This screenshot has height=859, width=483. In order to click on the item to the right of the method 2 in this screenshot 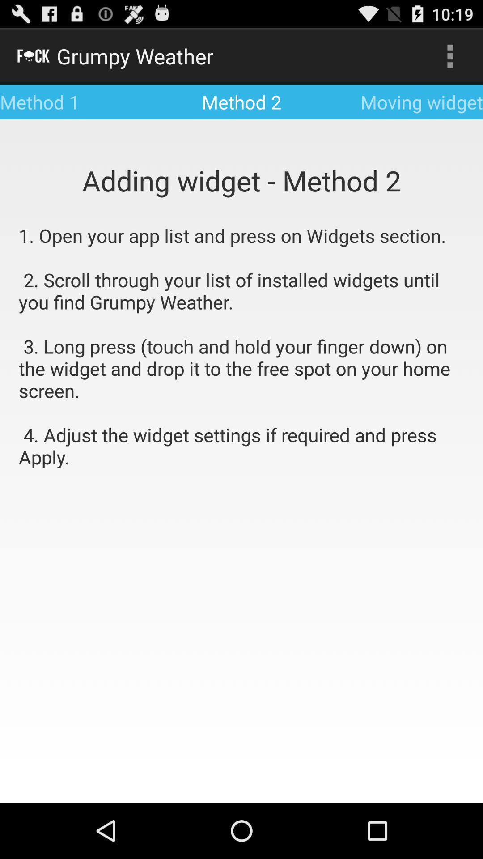, I will do `click(450, 55)`.